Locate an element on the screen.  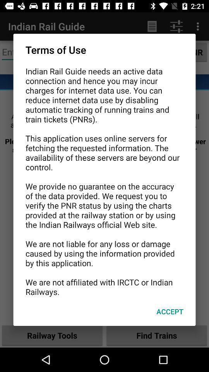
the icon below the indian rail guide is located at coordinates (170, 312).